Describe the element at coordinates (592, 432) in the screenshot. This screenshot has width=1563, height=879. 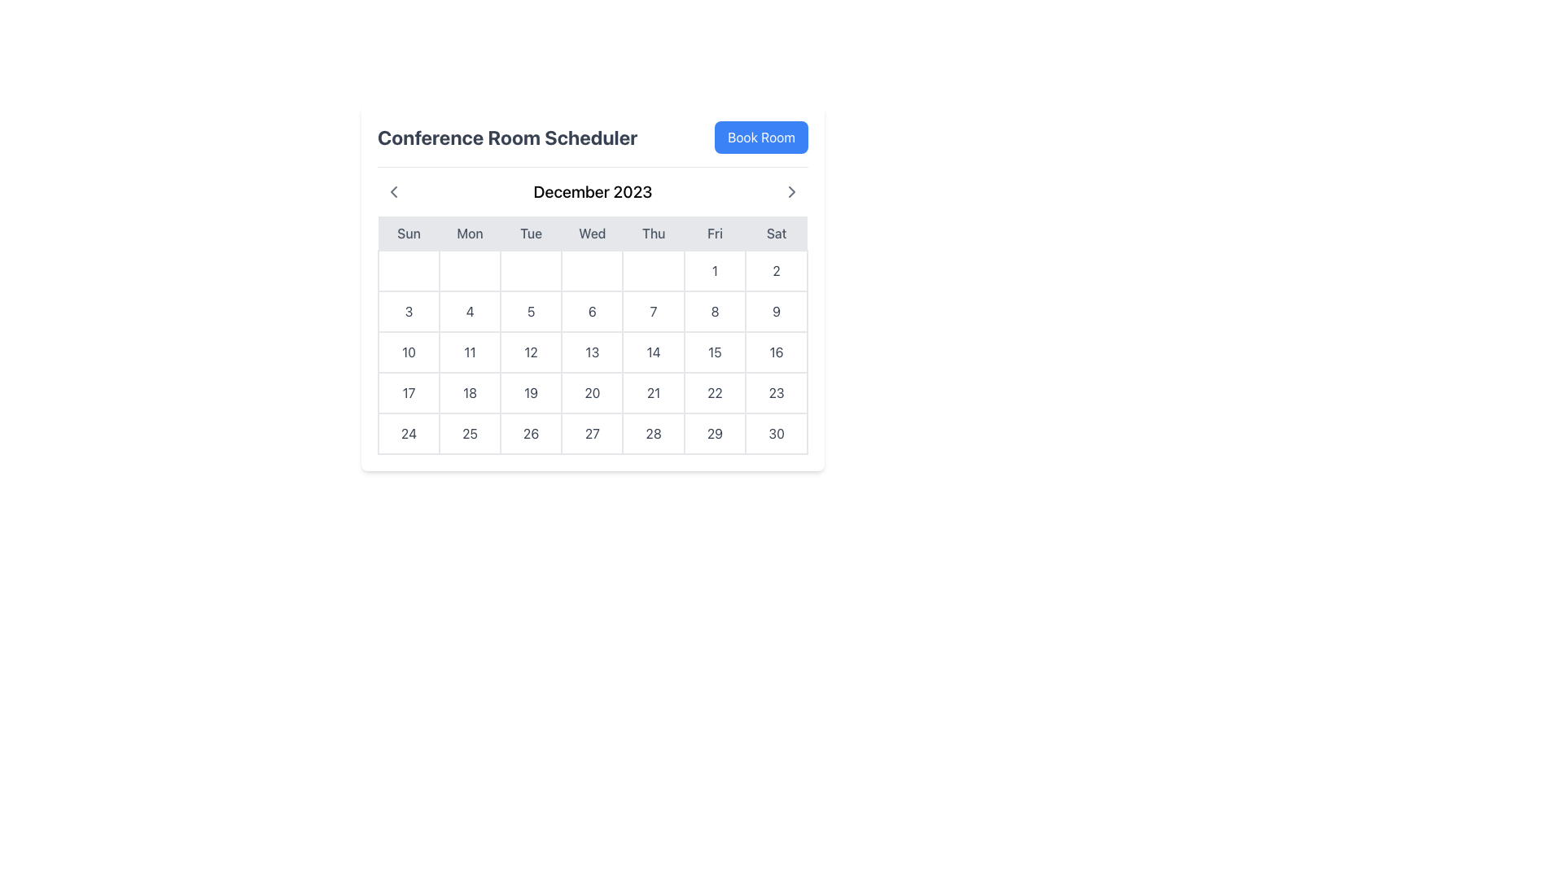
I see `the calendar date element indicating '27'` at that location.